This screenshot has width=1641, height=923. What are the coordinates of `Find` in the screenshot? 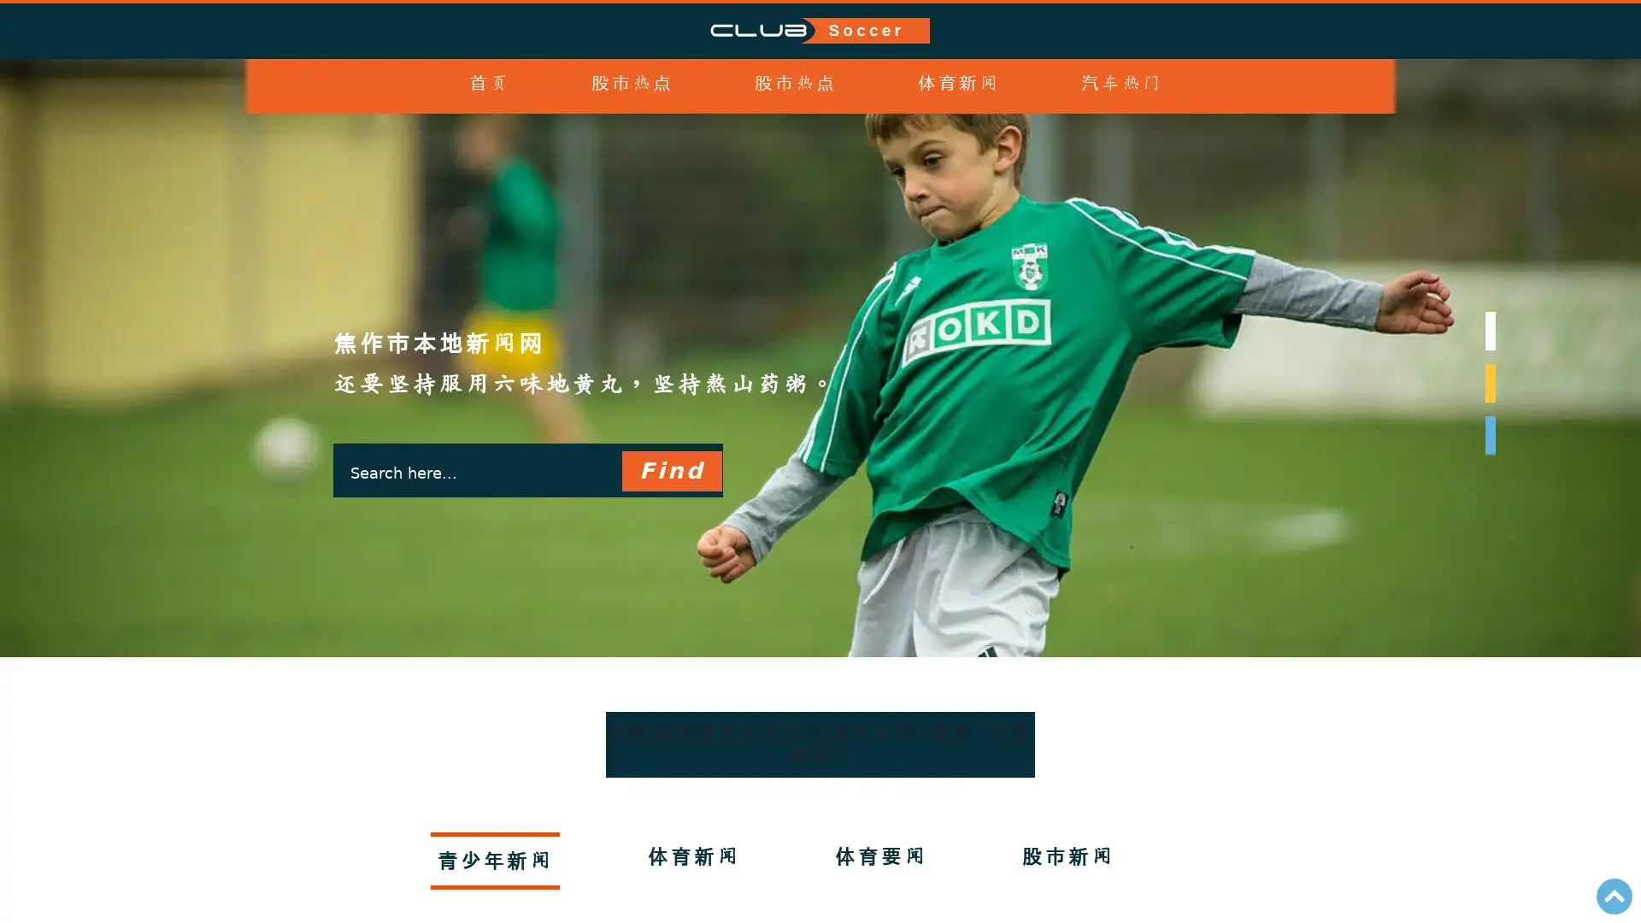 It's located at (670, 471).